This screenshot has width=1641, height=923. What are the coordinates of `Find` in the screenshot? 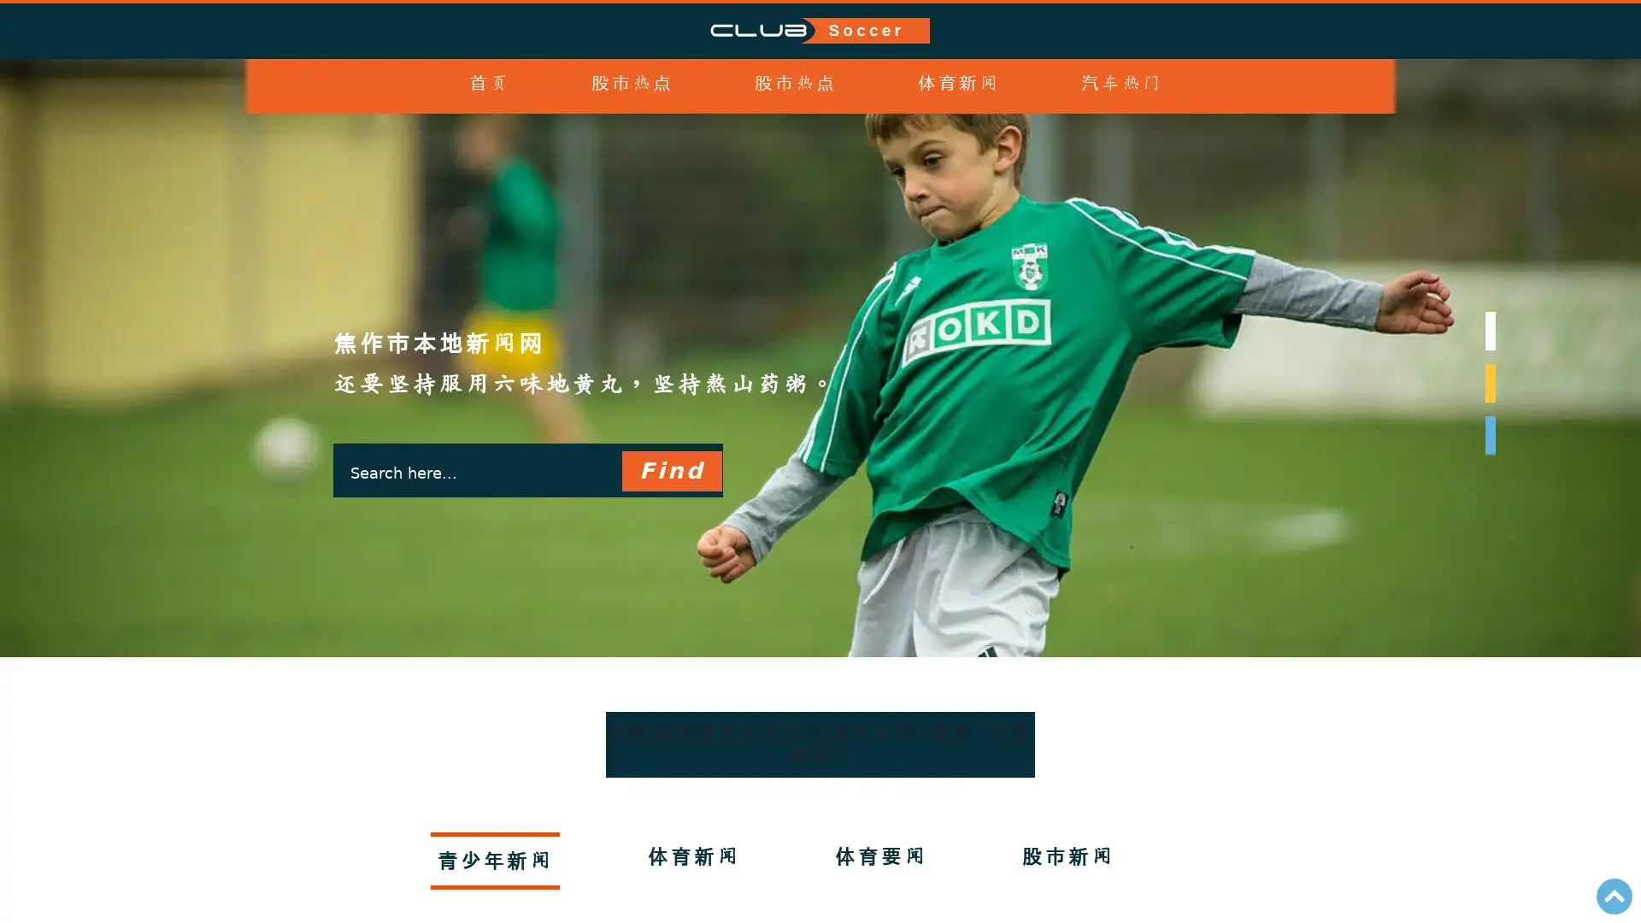 It's located at (670, 471).